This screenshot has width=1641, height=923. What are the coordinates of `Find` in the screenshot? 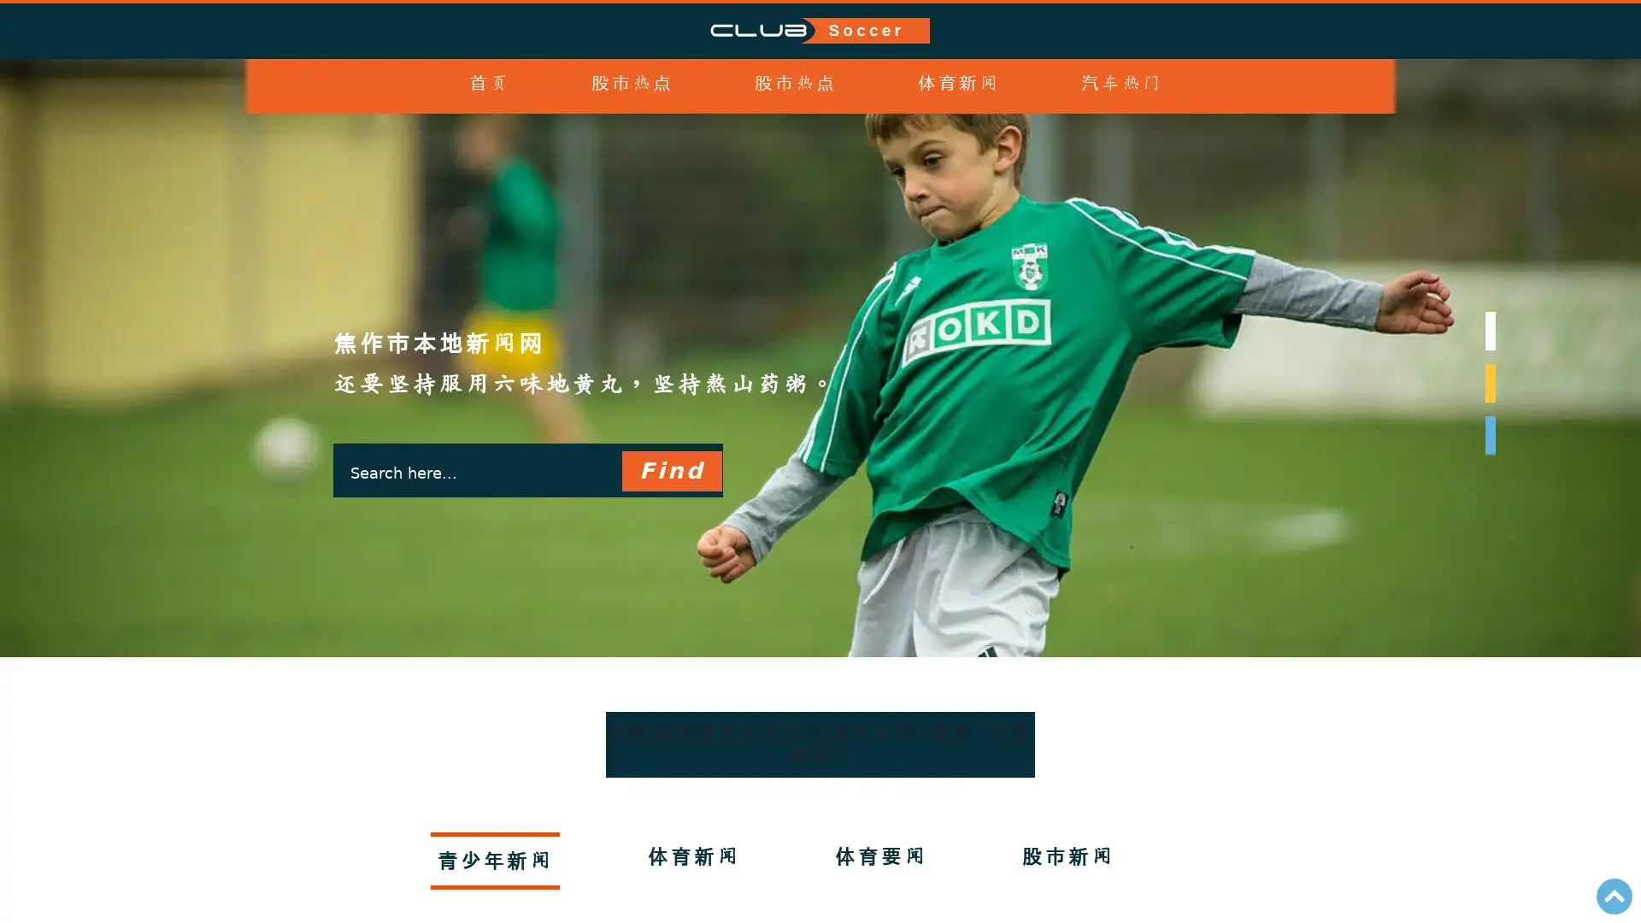 It's located at (670, 471).